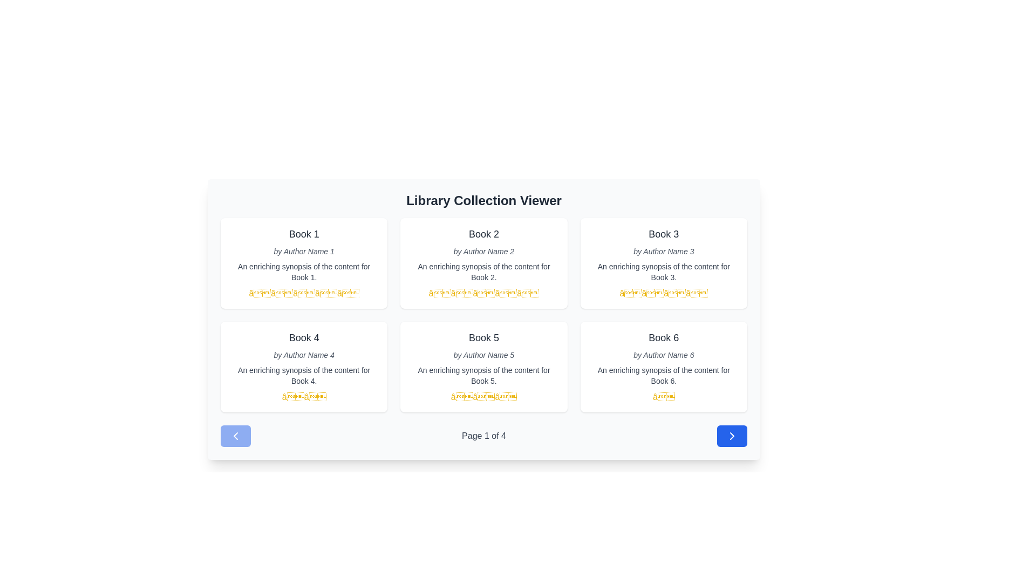 This screenshot has height=583, width=1036. What do you see at coordinates (260, 293) in the screenshot?
I see `the first star in the five-star rating system located below the description text of 'Book 1', which is the first card in the top row of the library collection view` at bounding box center [260, 293].